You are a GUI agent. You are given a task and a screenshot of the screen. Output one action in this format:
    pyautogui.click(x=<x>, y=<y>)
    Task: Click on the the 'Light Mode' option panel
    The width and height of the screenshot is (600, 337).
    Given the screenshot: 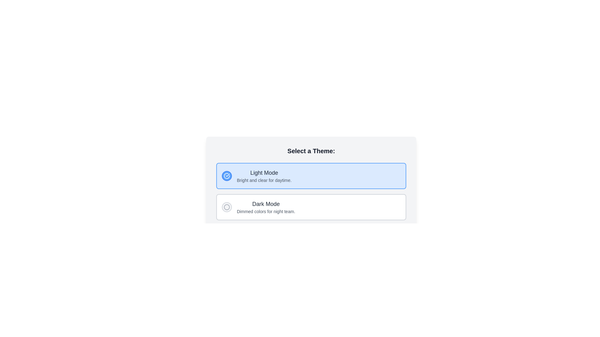 What is the action you would take?
    pyautogui.click(x=311, y=176)
    